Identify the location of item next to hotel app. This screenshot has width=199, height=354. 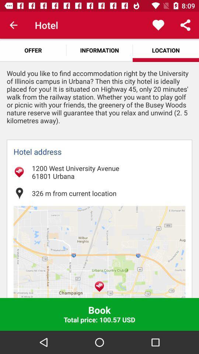
(13, 25).